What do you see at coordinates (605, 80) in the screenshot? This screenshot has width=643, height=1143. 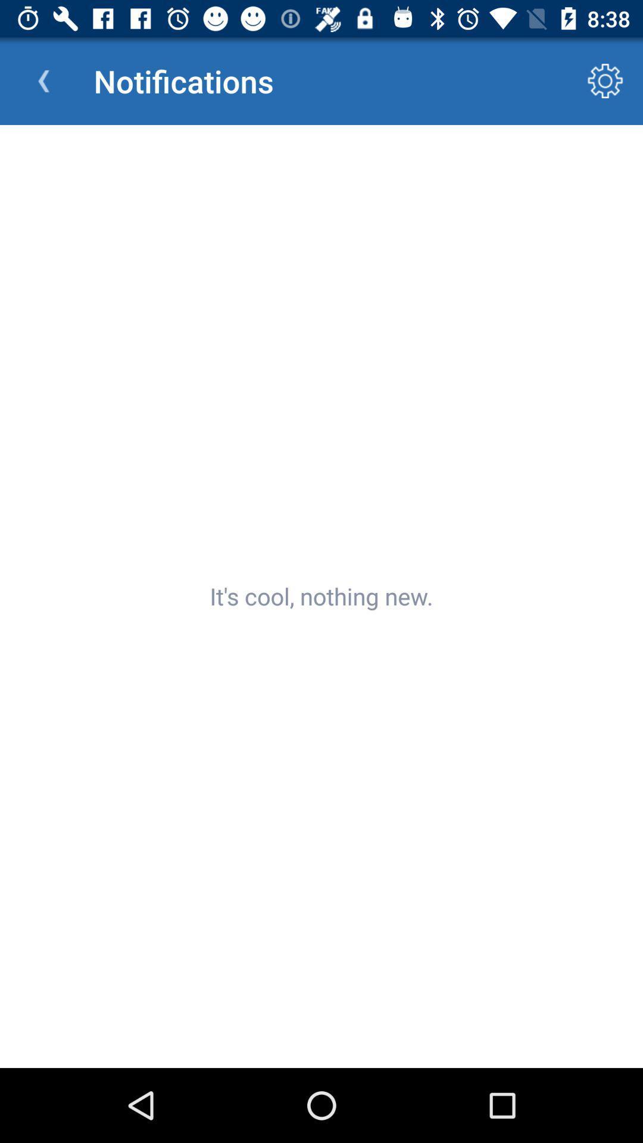 I see `icon to the right of the notifications app` at bounding box center [605, 80].